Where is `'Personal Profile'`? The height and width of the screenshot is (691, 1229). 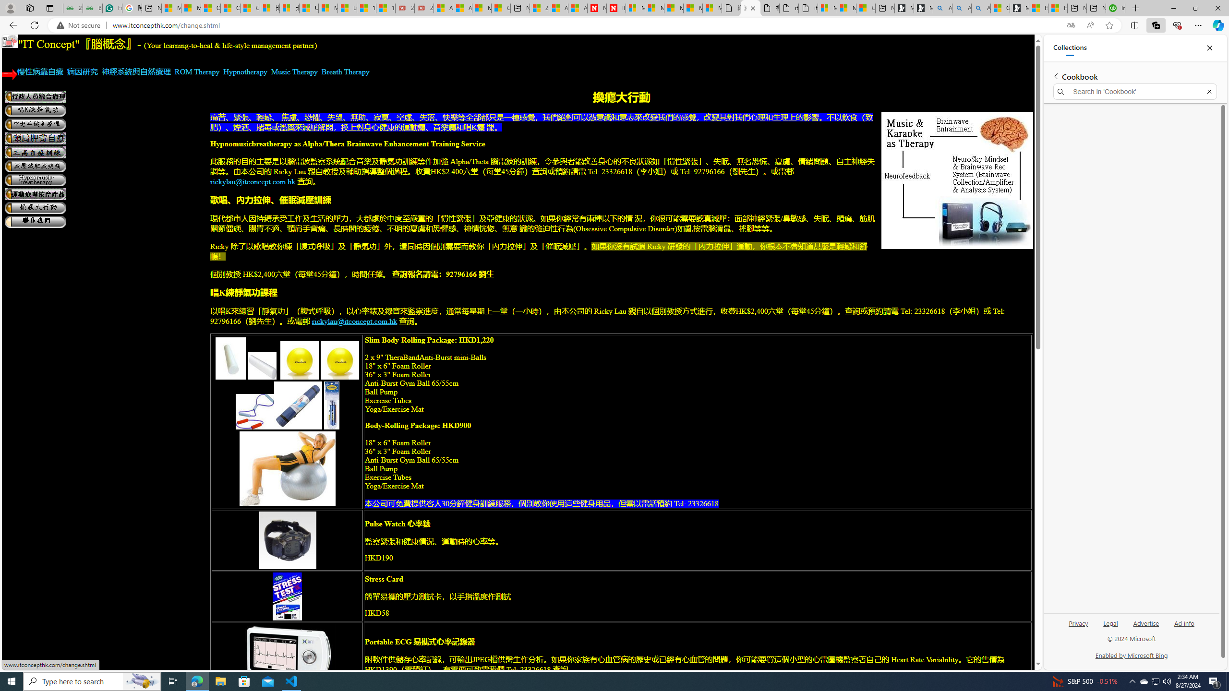
'Personal Profile' is located at coordinates (10, 8).